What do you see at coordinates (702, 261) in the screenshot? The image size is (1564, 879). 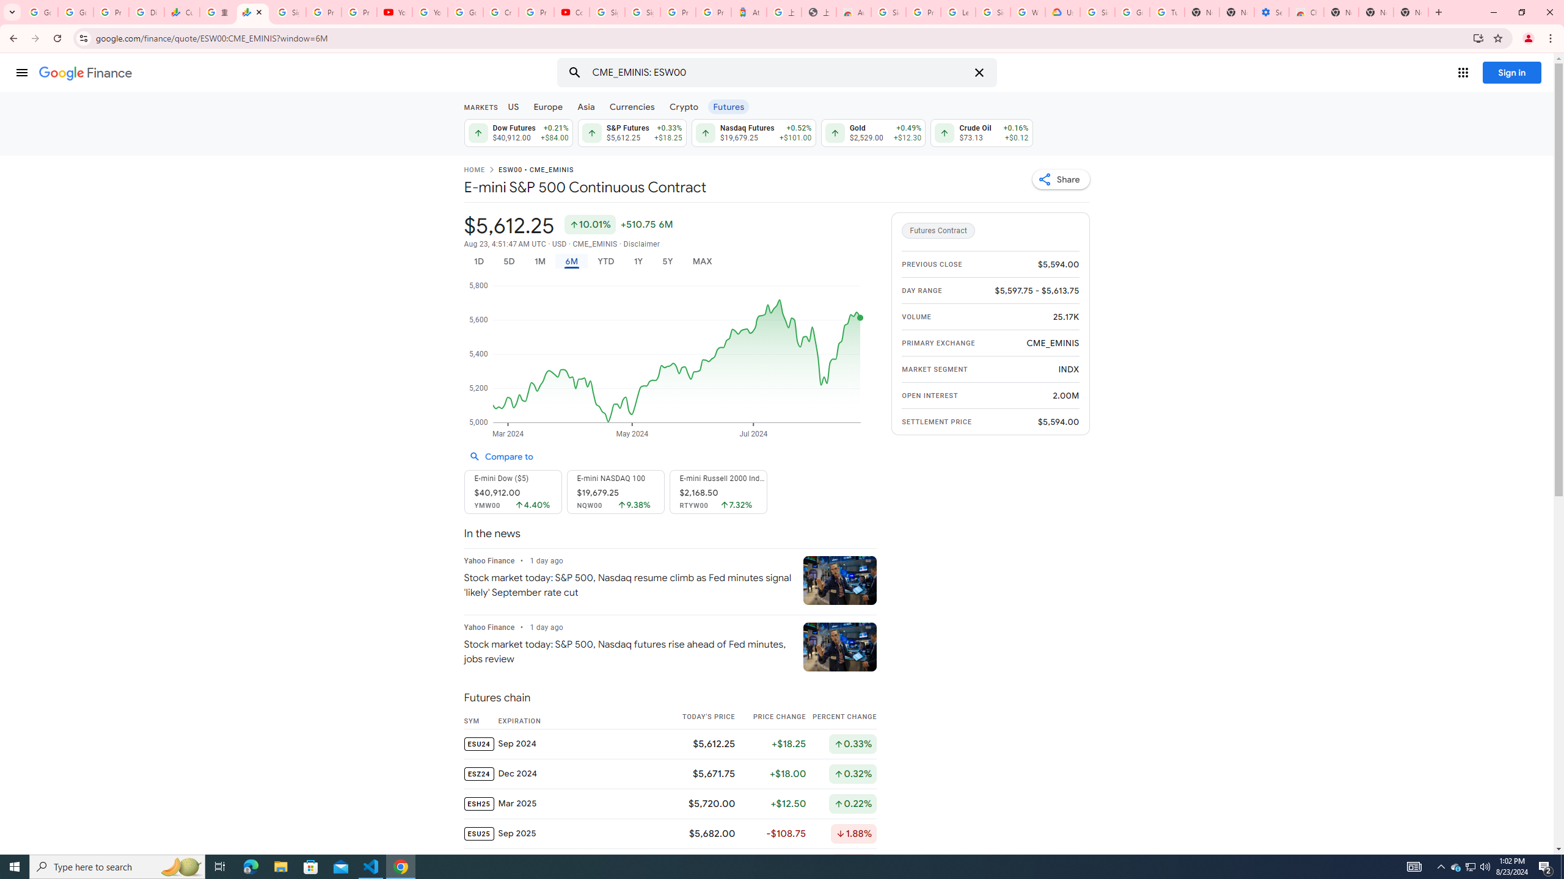 I see `'MAX'` at bounding box center [702, 261].